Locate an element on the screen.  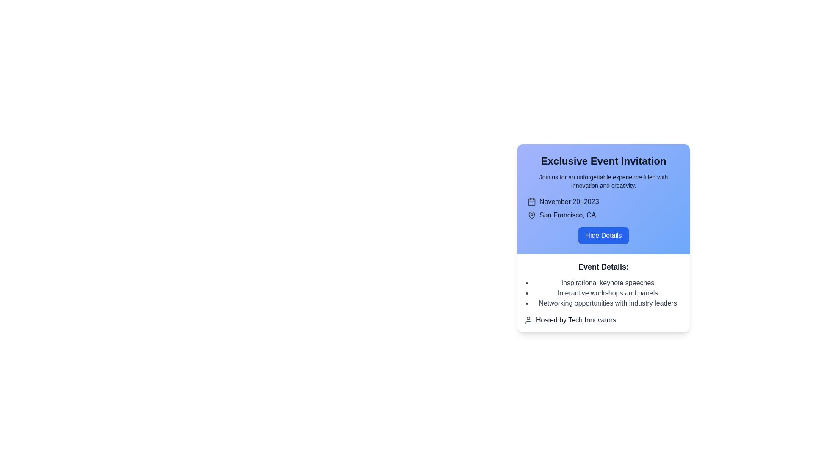
the text element displaying 'San Francisco, CA', which is located next to a location icon, to engage with adjacent elements is located at coordinates (567, 215).